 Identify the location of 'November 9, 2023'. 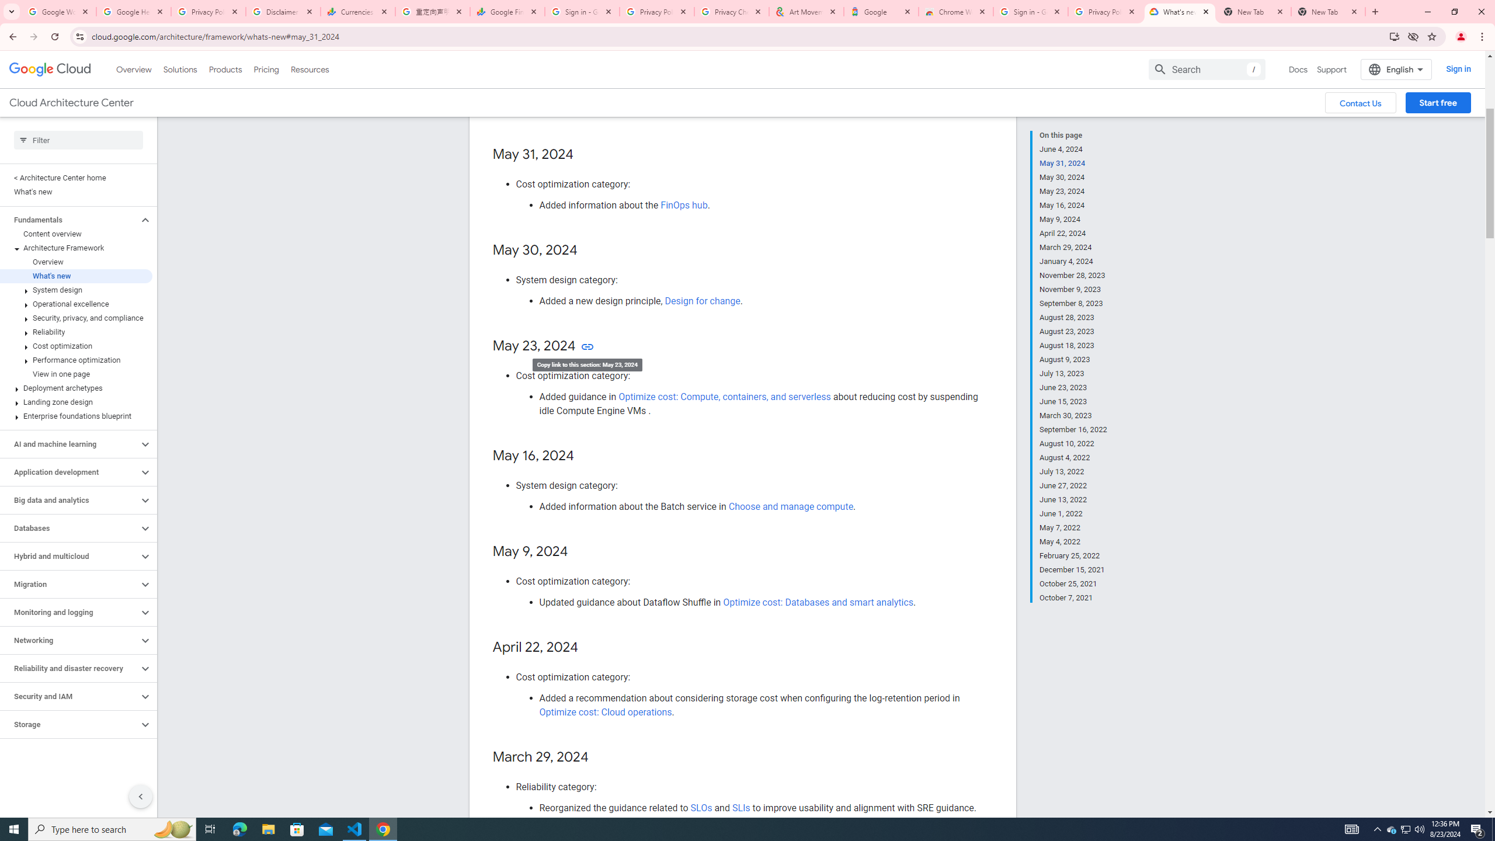
(1073, 289).